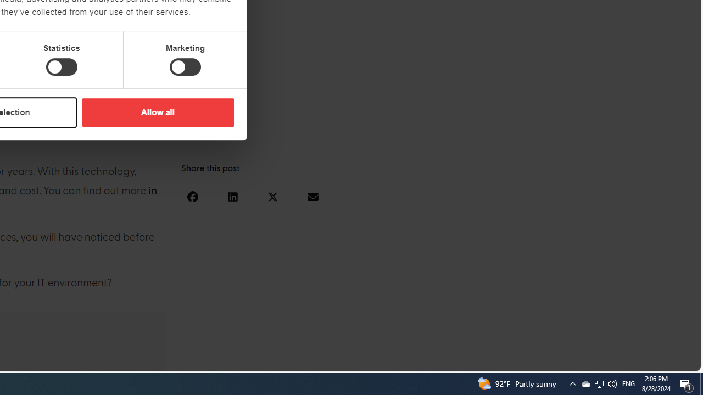  I want to click on 'Statistics', so click(61, 67).